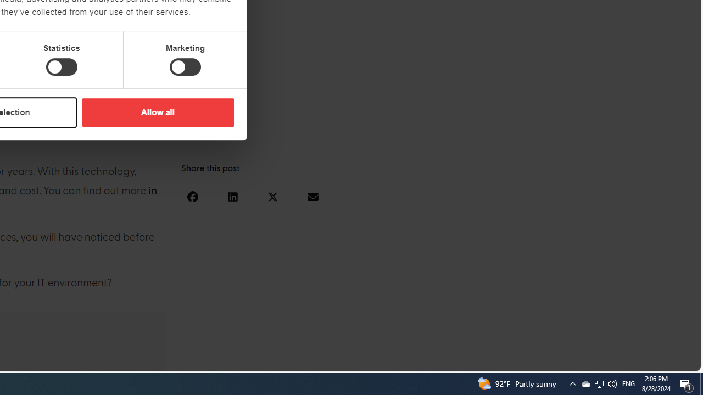  I want to click on 'Statistics', so click(61, 67).